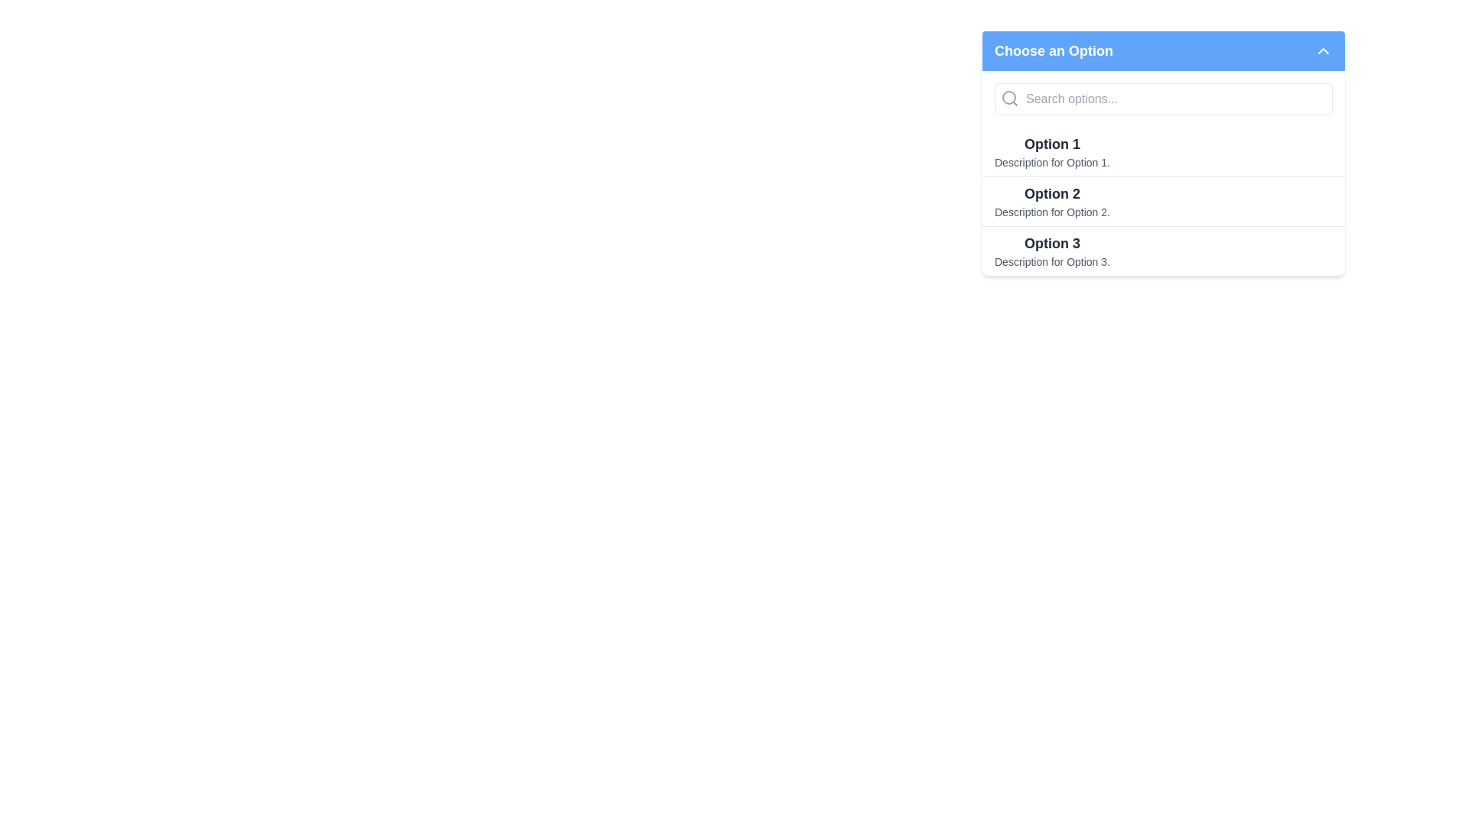 This screenshot has width=1468, height=825. What do you see at coordinates (1162, 200) in the screenshot?
I see `the list item element displaying 'Option 2' for keyboard navigation` at bounding box center [1162, 200].